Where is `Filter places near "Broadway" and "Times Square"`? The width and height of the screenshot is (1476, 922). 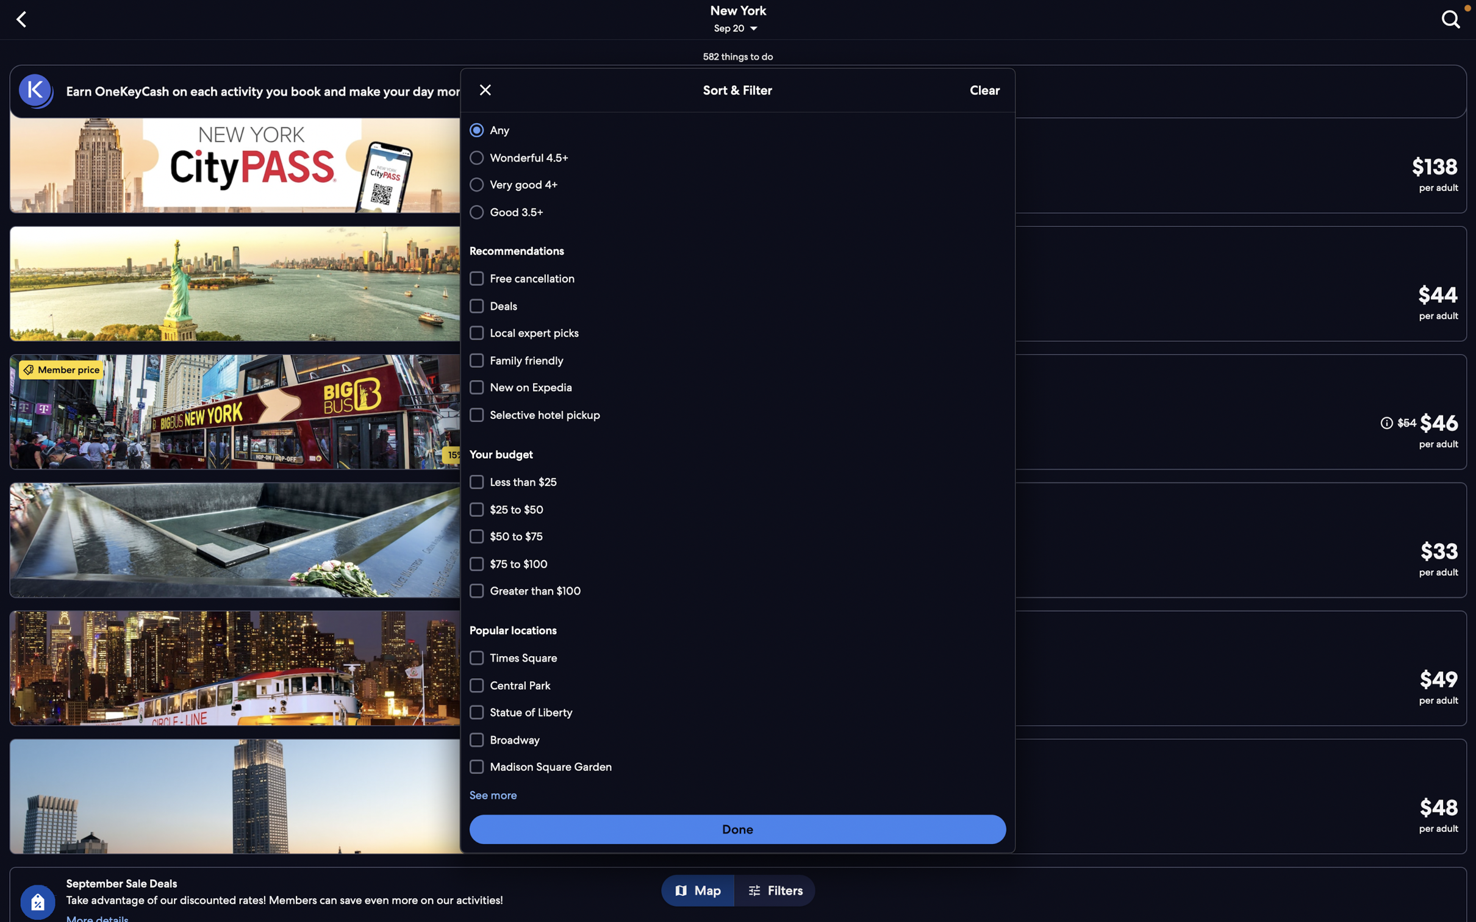
Filter places near "Broadway" and "Times Square" is located at coordinates (739, 765).